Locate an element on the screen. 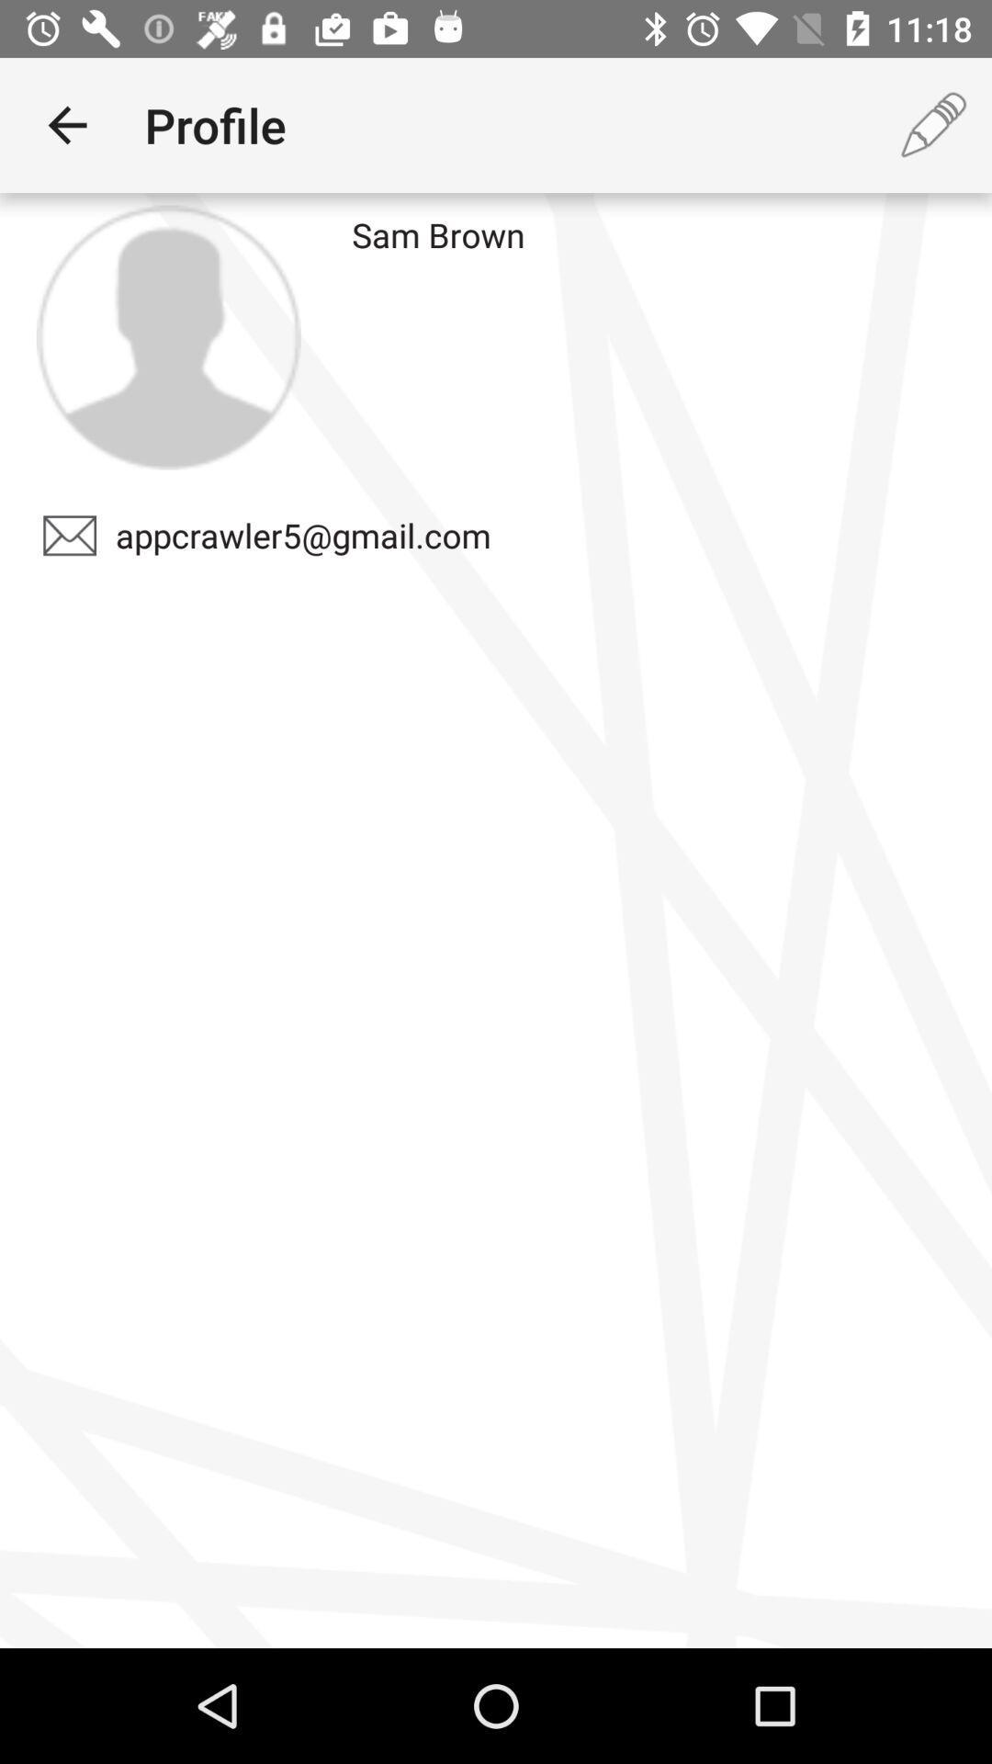 This screenshot has height=1764, width=992. icon above the appcrawler5@gmail.com is located at coordinates (168, 337).